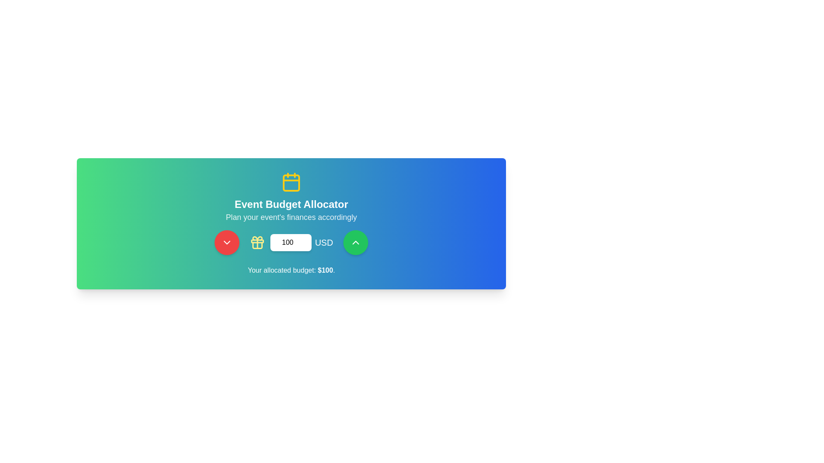  I want to click on the informational header element titled 'Event Budget Allocator' to trigger additional information or style effects, so click(291, 198).